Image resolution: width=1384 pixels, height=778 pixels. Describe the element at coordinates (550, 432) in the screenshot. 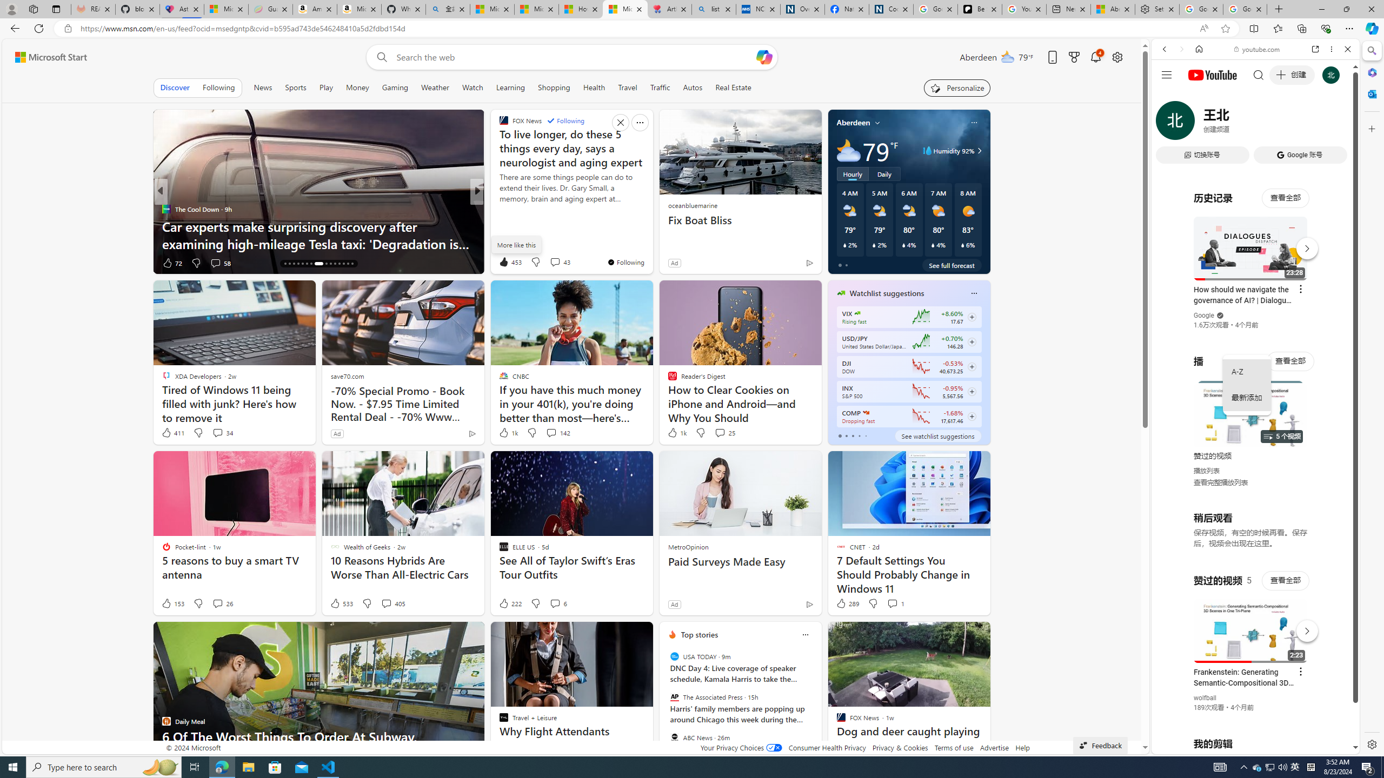

I see `'View comments 142 Comment'` at that location.